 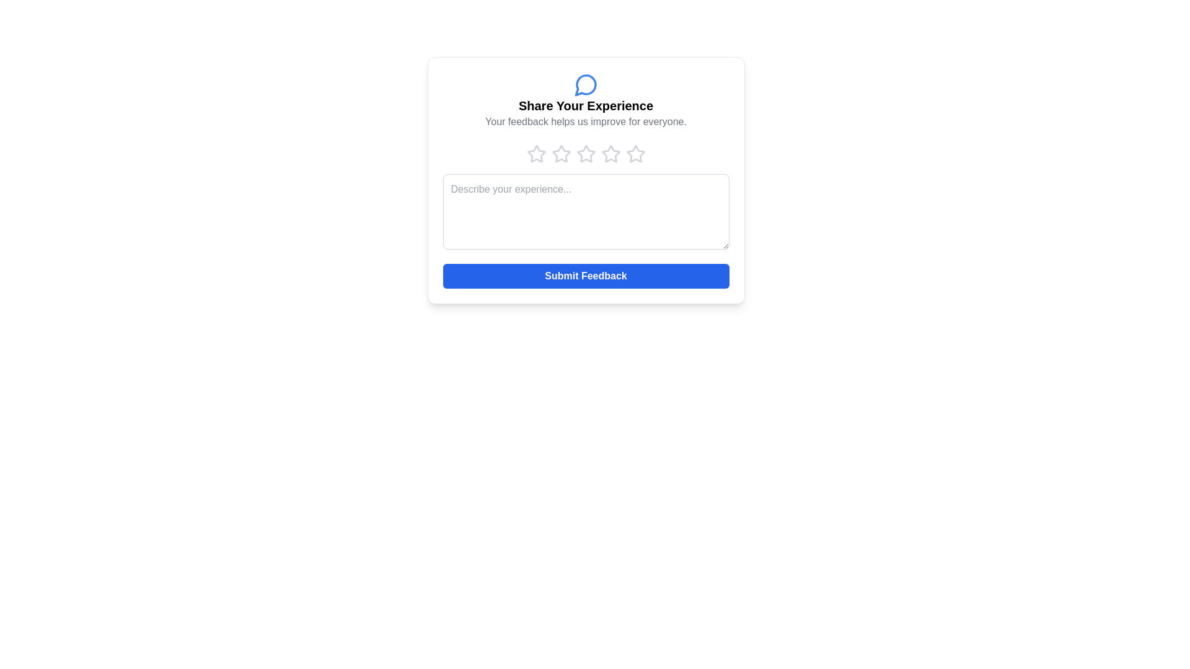 I want to click on the decorative icon located at the top center of the feedback interface, which enhances the visual appeal of the 'Share Your Experience' prompt, so click(x=585, y=84).